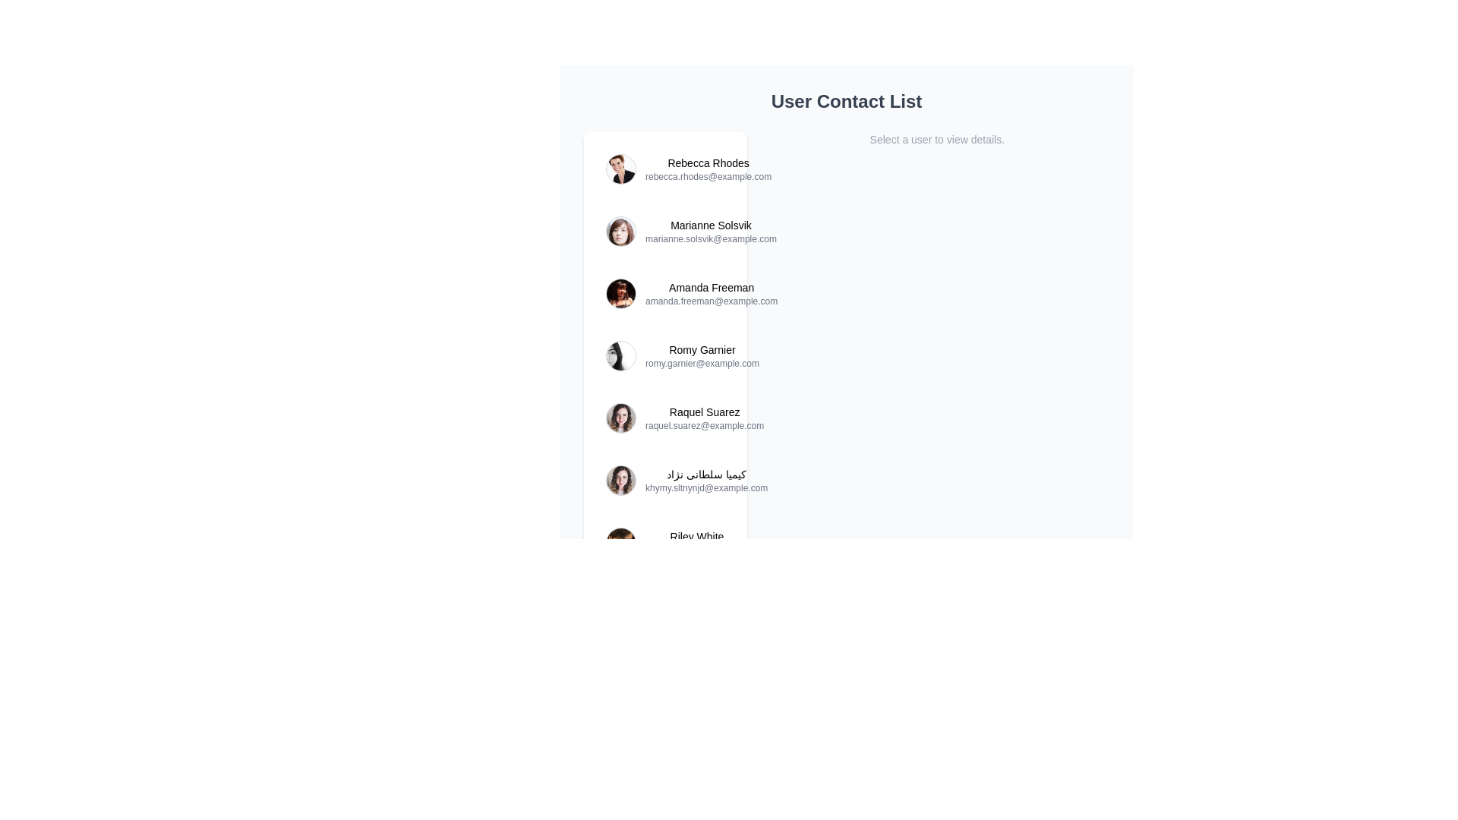 The width and height of the screenshot is (1458, 820). Describe the element at coordinates (705, 480) in the screenshot. I see `the text display element that shows the name 'کیمیا سلطانی نژاد' and the email 'khymy.sltnynjd@example.com', which is located to the right of the profile picture` at that location.